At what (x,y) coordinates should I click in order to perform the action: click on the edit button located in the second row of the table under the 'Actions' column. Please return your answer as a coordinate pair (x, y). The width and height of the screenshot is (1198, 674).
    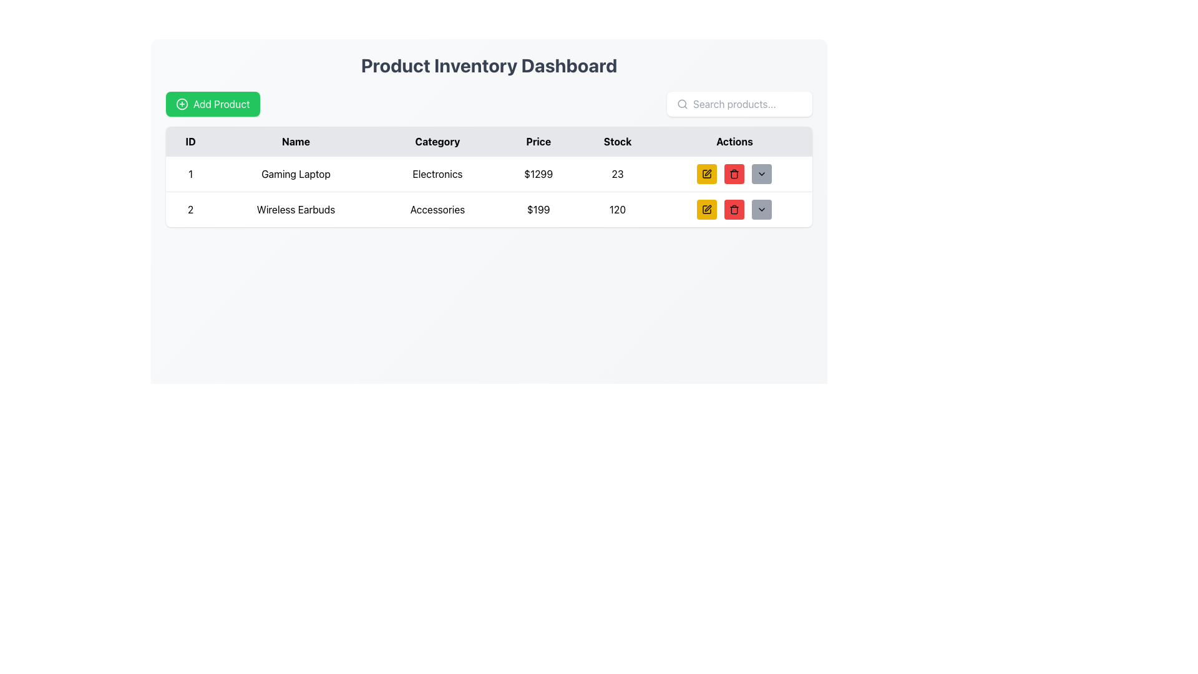
    Looking at the image, I should click on (707, 208).